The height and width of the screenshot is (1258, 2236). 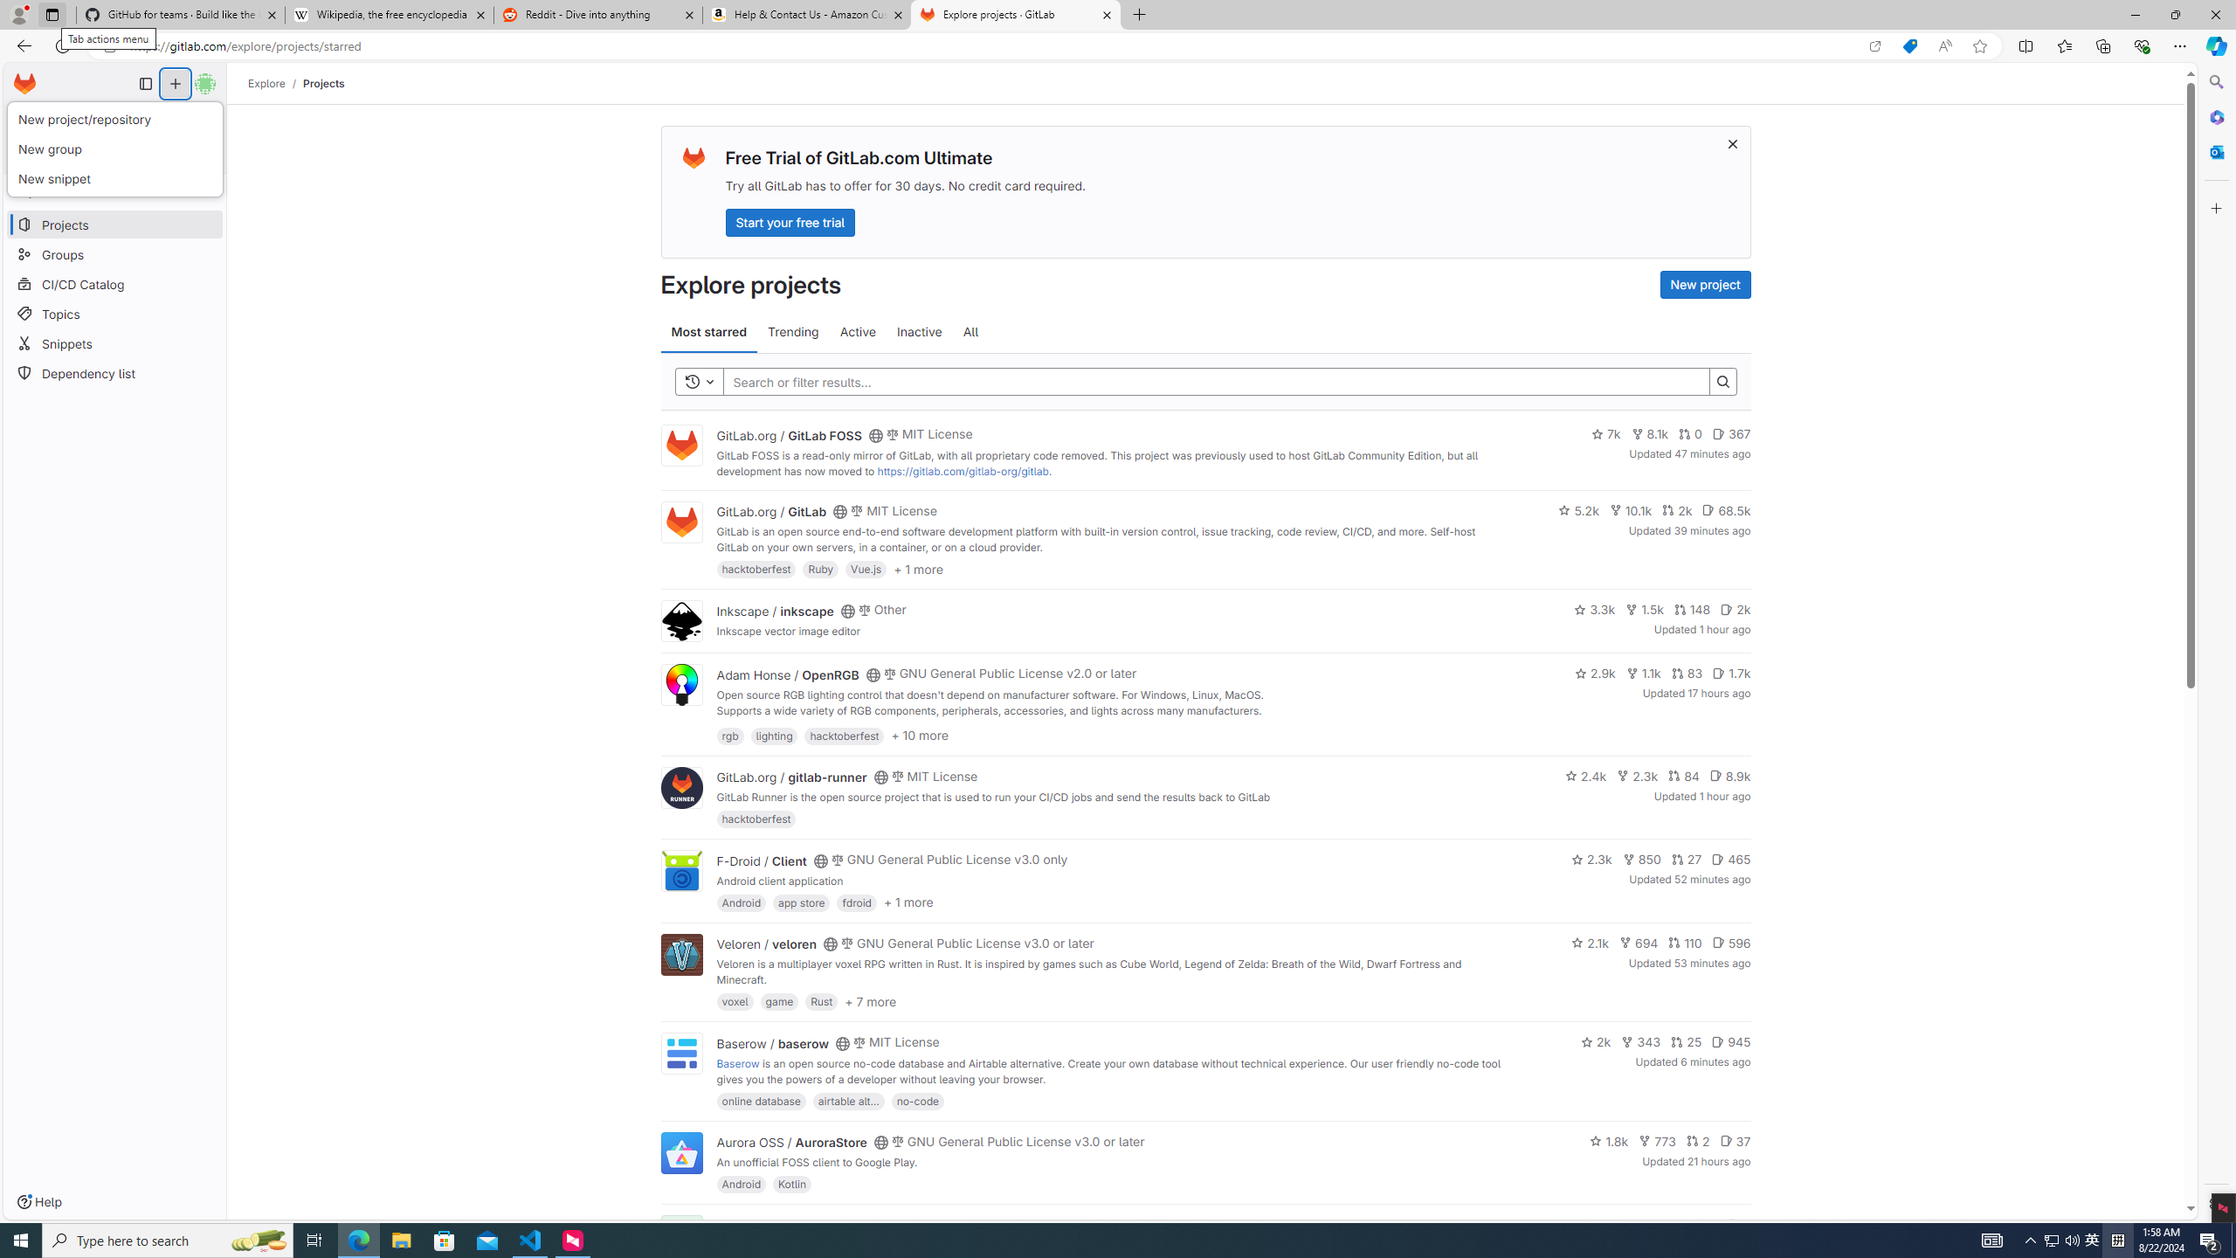 What do you see at coordinates (919, 734) in the screenshot?
I see `'+ 10 more'` at bounding box center [919, 734].